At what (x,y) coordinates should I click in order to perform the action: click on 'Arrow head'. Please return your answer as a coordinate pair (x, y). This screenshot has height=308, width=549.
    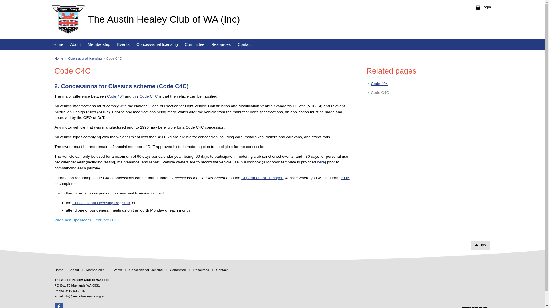
    Looking at the image, I should click on (369, 93).